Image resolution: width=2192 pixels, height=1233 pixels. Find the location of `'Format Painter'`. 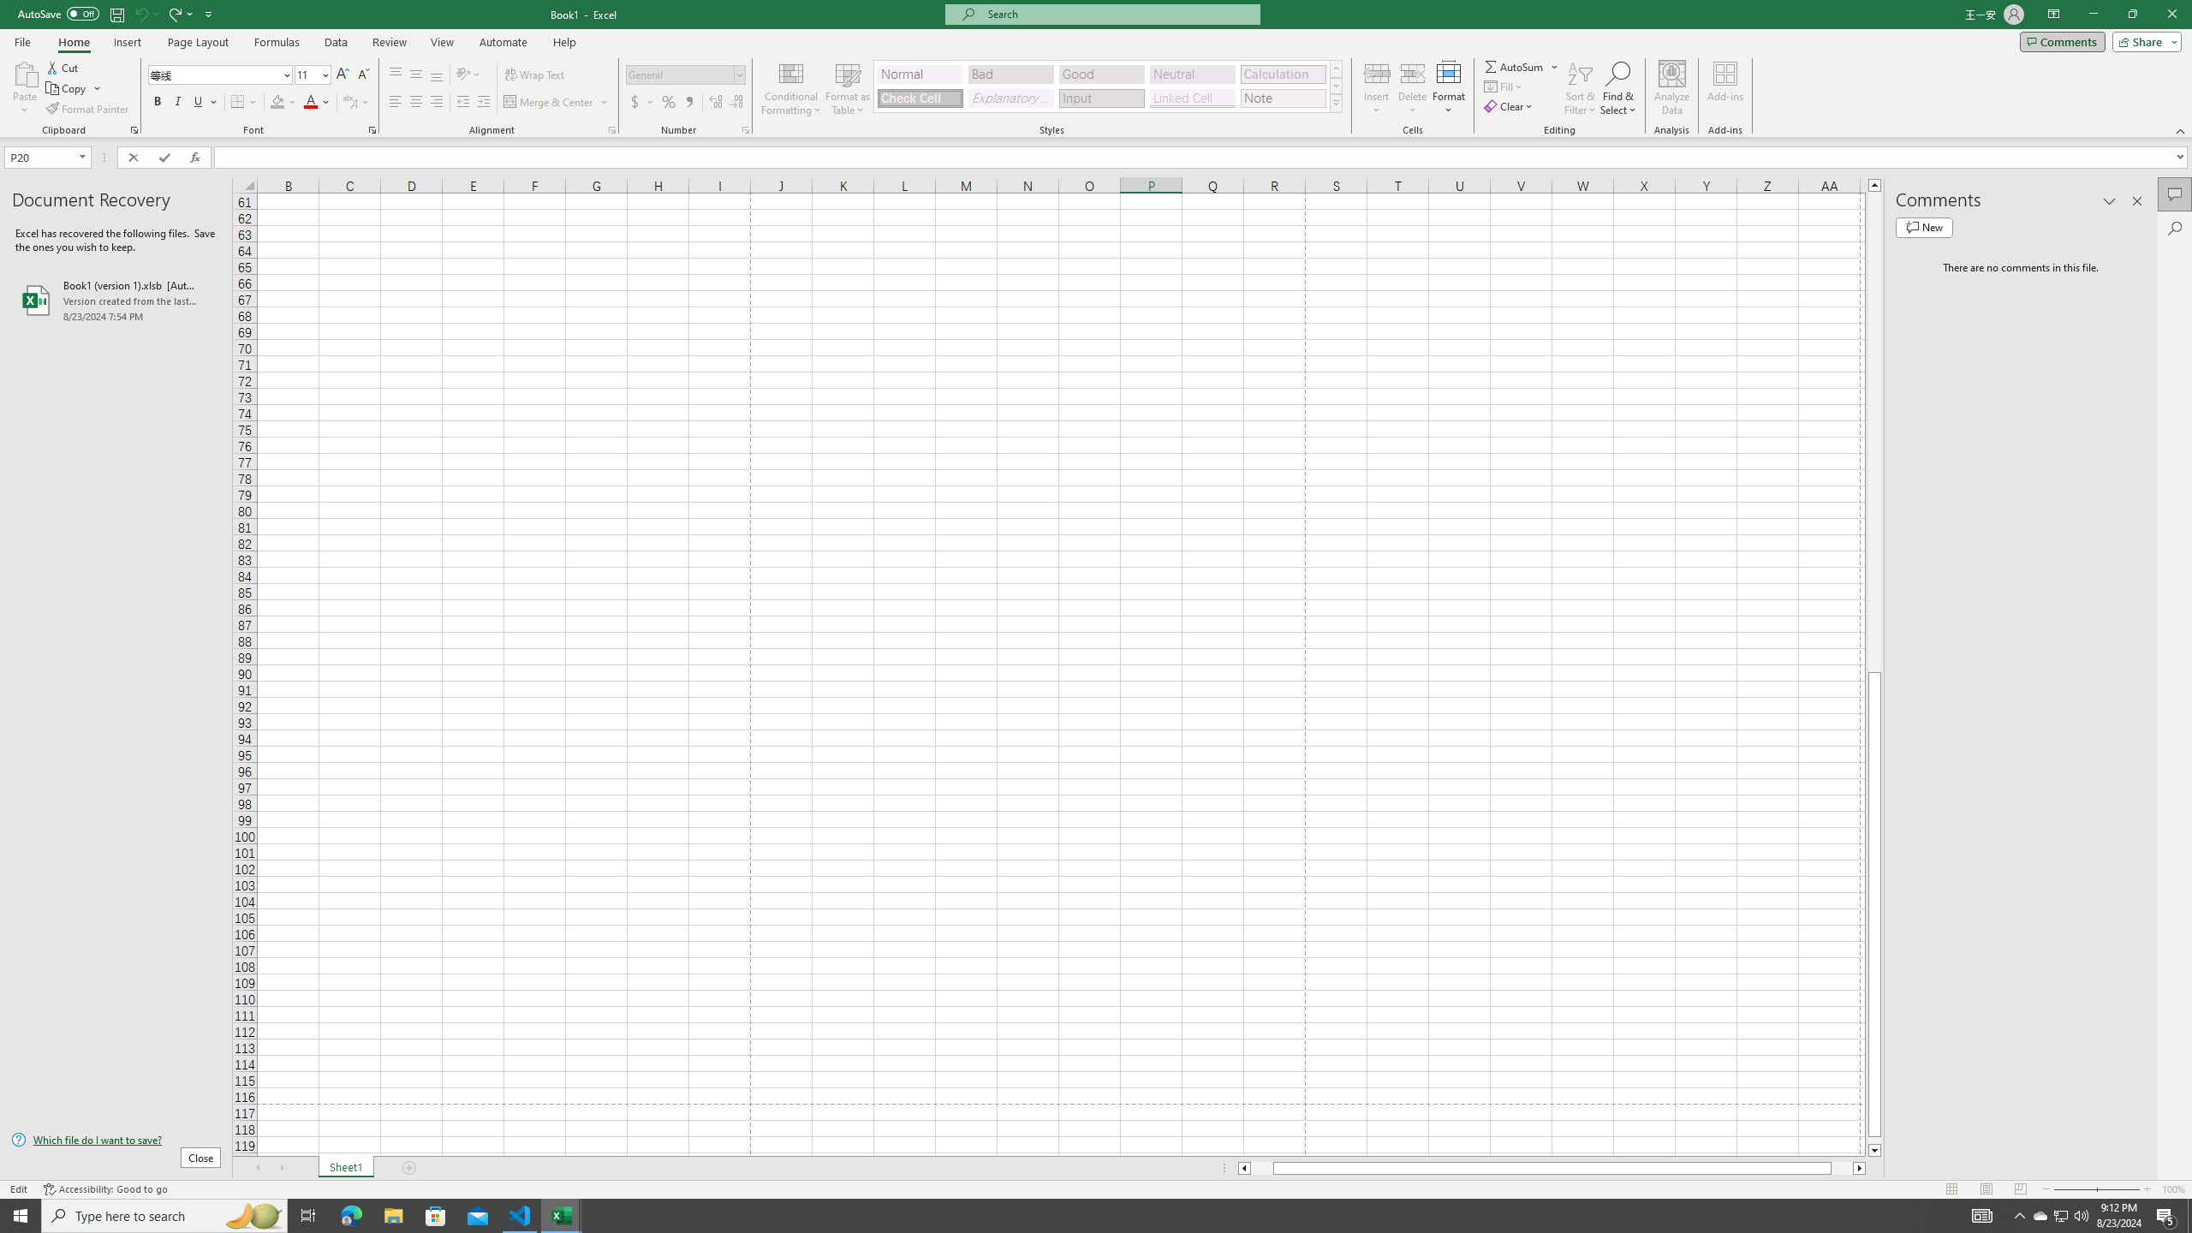

'Format Painter' is located at coordinates (87, 109).